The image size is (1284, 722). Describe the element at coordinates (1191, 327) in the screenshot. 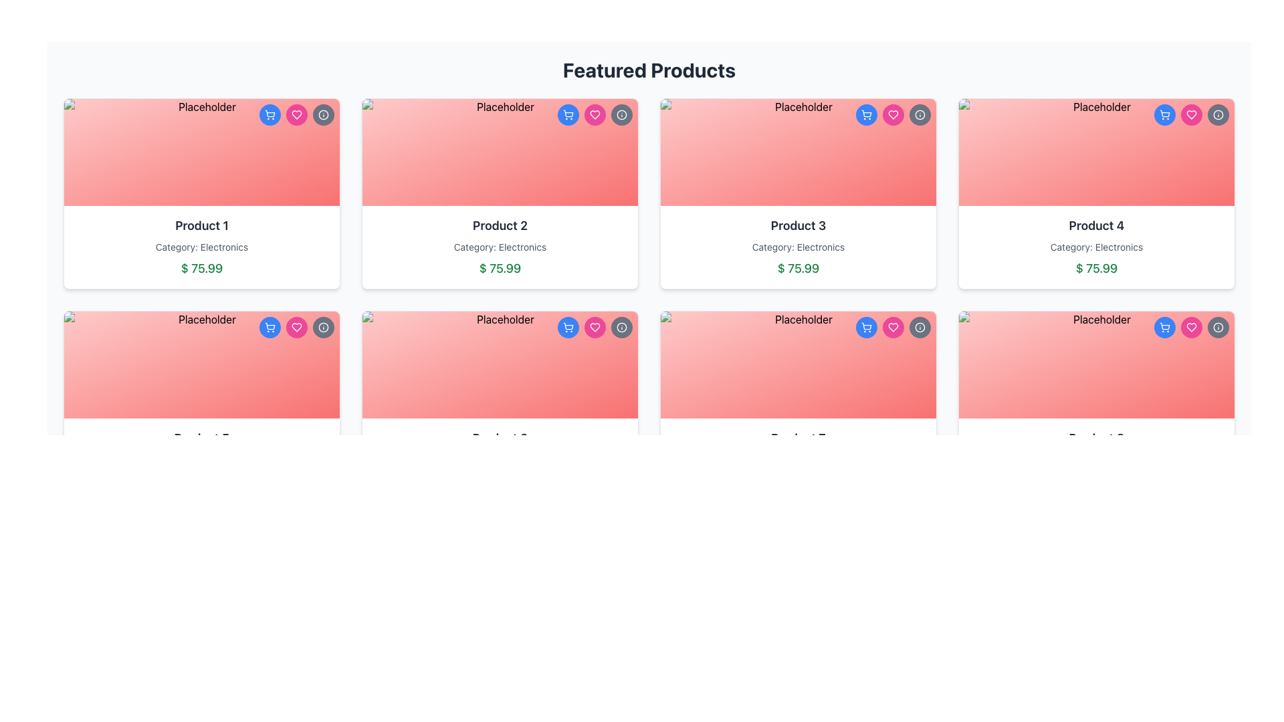

I see `the second interactive button in the top-right section of the product card to mark the item as a favorite, located between a blue shopping cart button and a gray info button` at that location.